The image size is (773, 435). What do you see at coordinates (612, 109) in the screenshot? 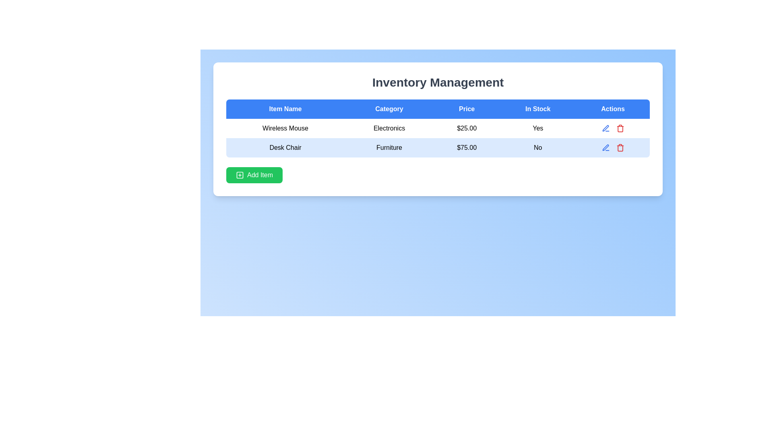
I see `the 'Actions' column header, which is the fifth and rightmost column header in the table, located in the top-right of the table frame` at bounding box center [612, 109].